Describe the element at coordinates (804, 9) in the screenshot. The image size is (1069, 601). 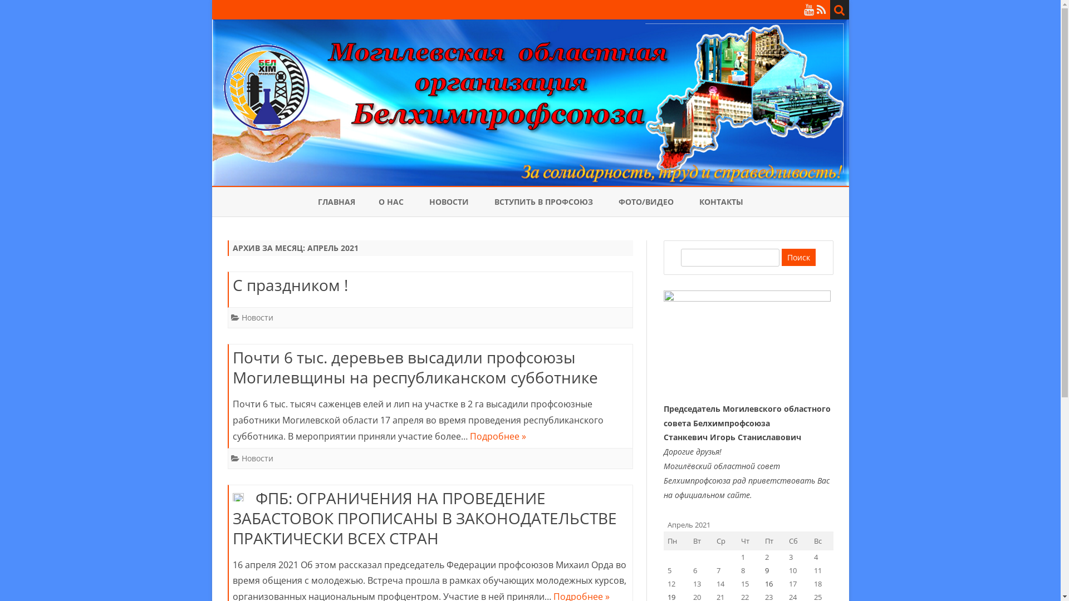
I see `'YouTube'` at that location.